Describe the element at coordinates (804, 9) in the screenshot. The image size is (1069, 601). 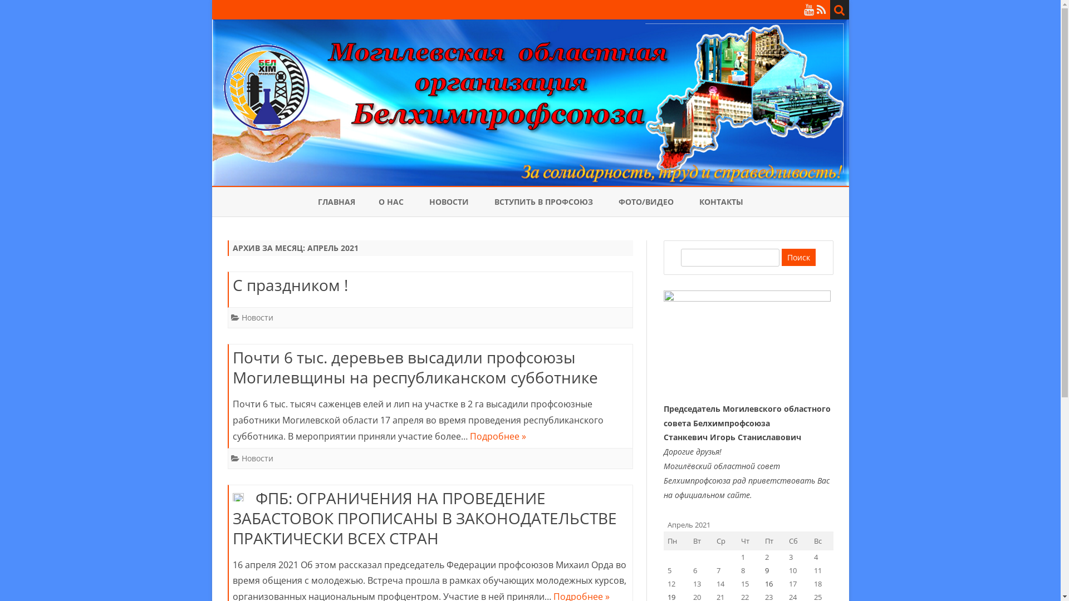
I see `'YouTube'` at that location.